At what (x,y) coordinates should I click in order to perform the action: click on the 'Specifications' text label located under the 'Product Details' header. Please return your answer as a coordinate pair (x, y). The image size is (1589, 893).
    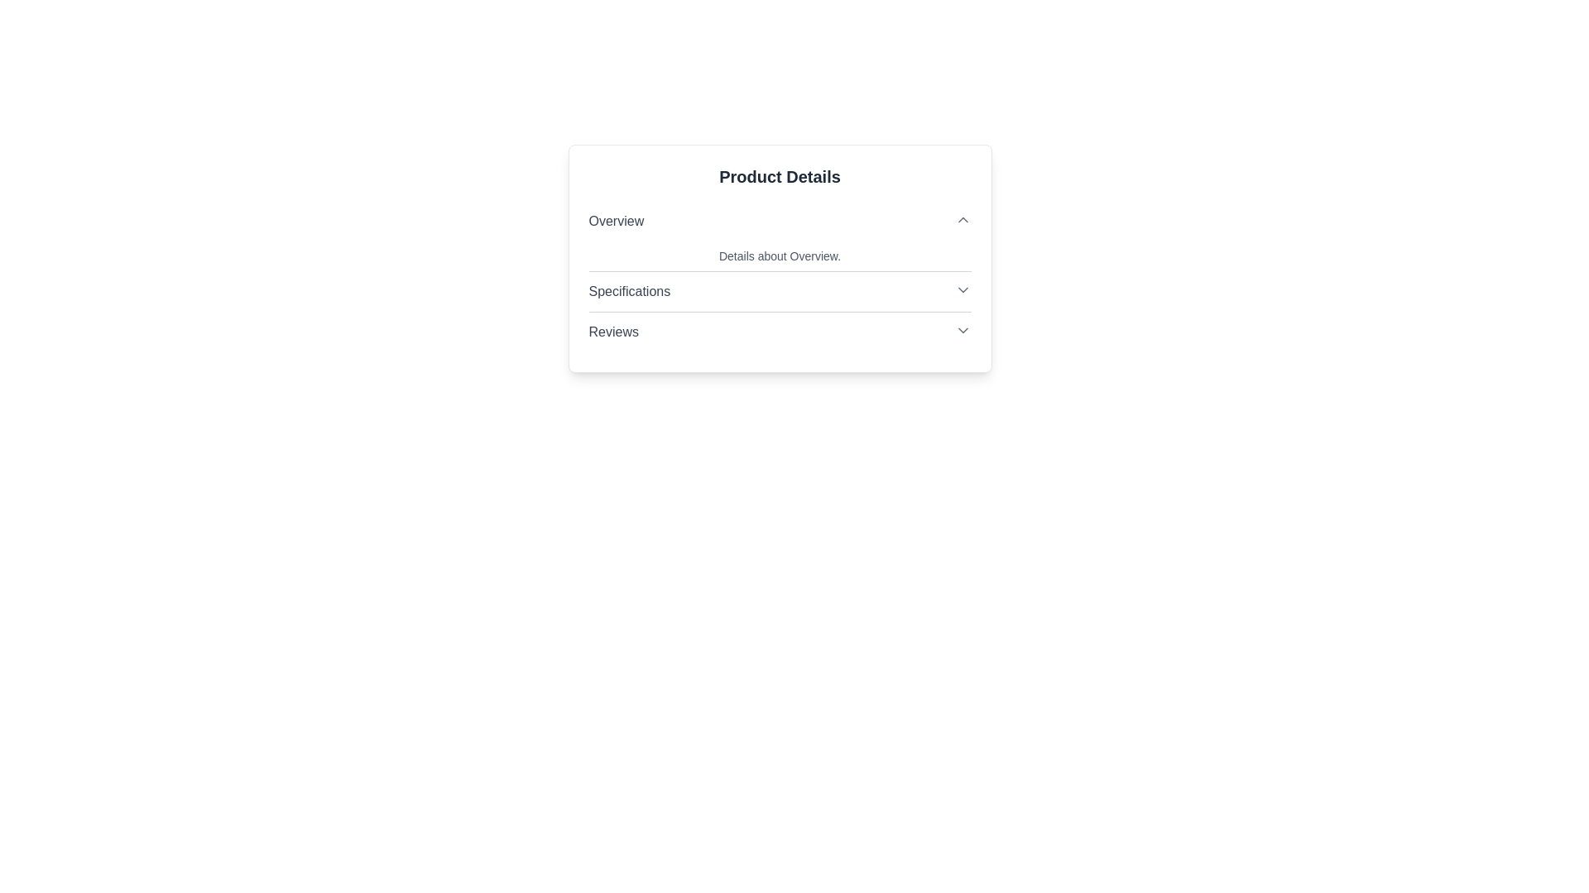
    Looking at the image, I should click on (628, 291).